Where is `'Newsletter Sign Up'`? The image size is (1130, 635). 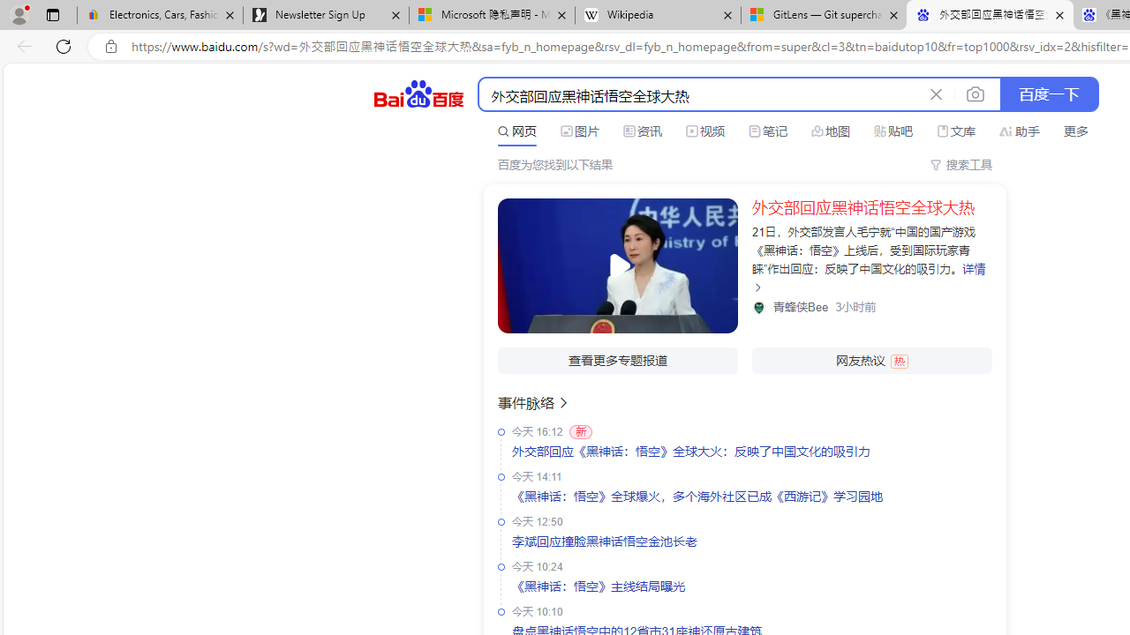 'Newsletter Sign Up' is located at coordinates (326, 15).